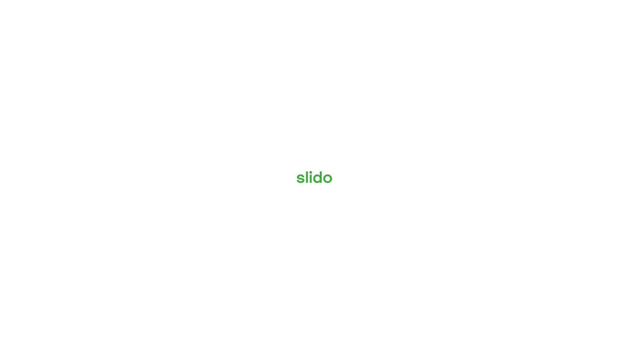  What do you see at coordinates (34, 9) in the screenshot?
I see `Open menu` at bounding box center [34, 9].